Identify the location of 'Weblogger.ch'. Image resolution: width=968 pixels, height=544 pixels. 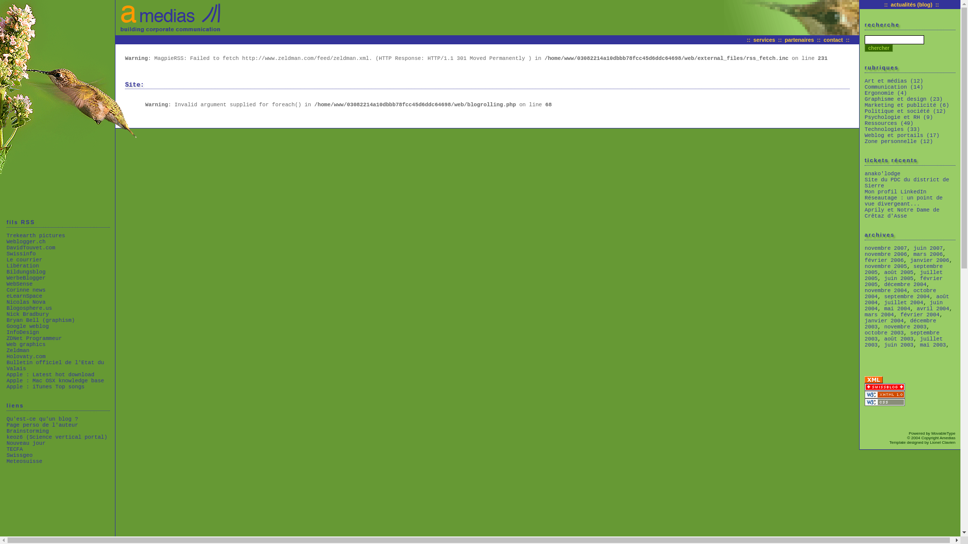
(7, 241).